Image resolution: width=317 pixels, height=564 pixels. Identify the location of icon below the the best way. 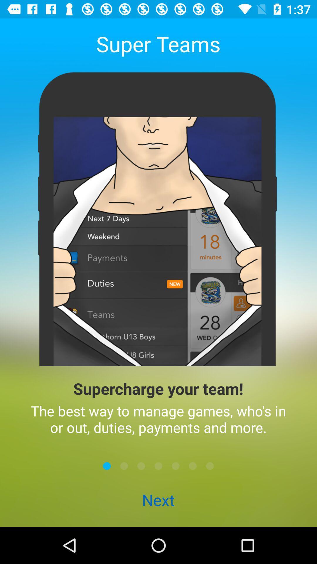
(175, 466).